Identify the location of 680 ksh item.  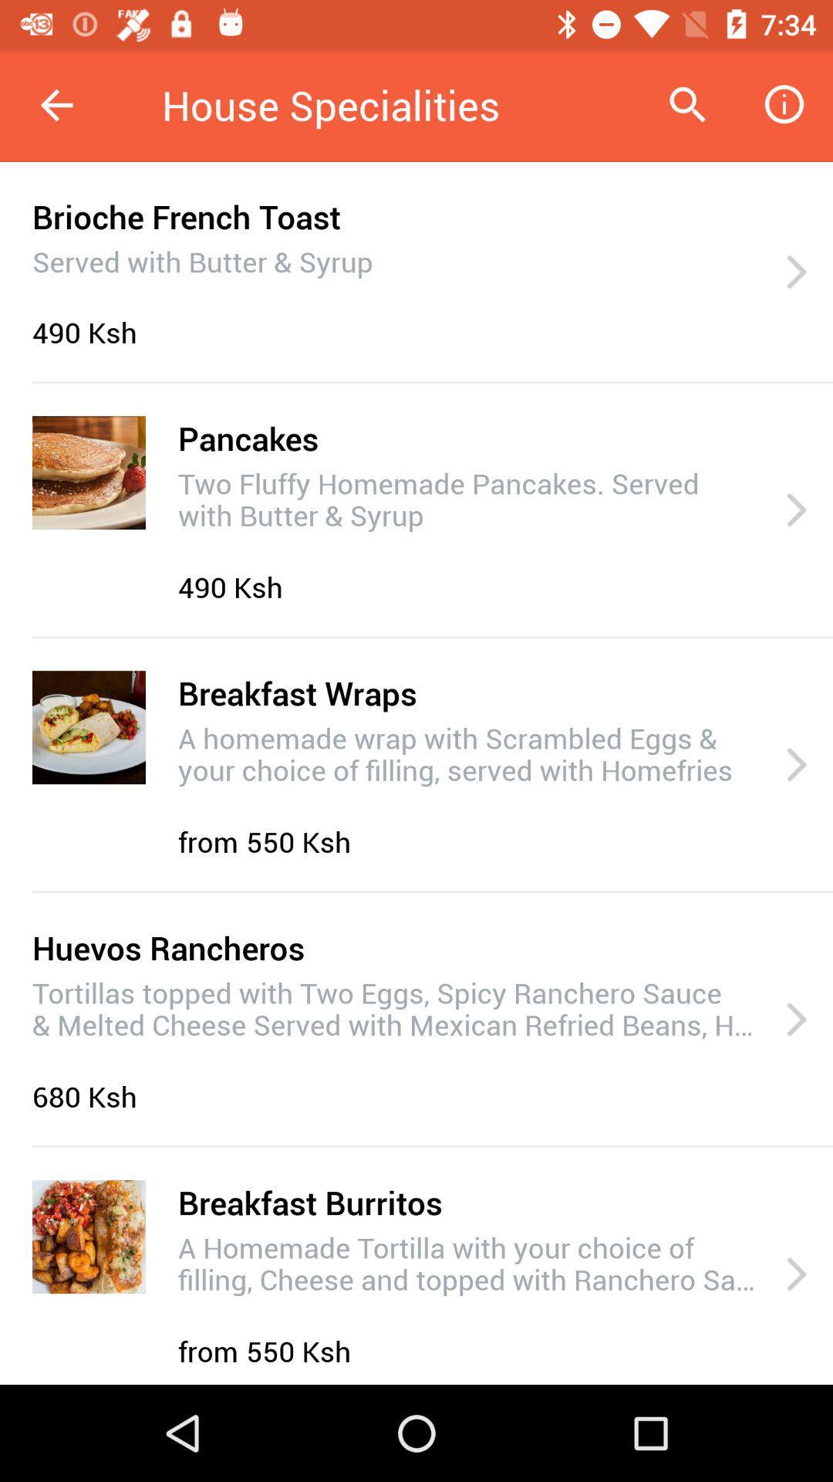
(89, 1095).